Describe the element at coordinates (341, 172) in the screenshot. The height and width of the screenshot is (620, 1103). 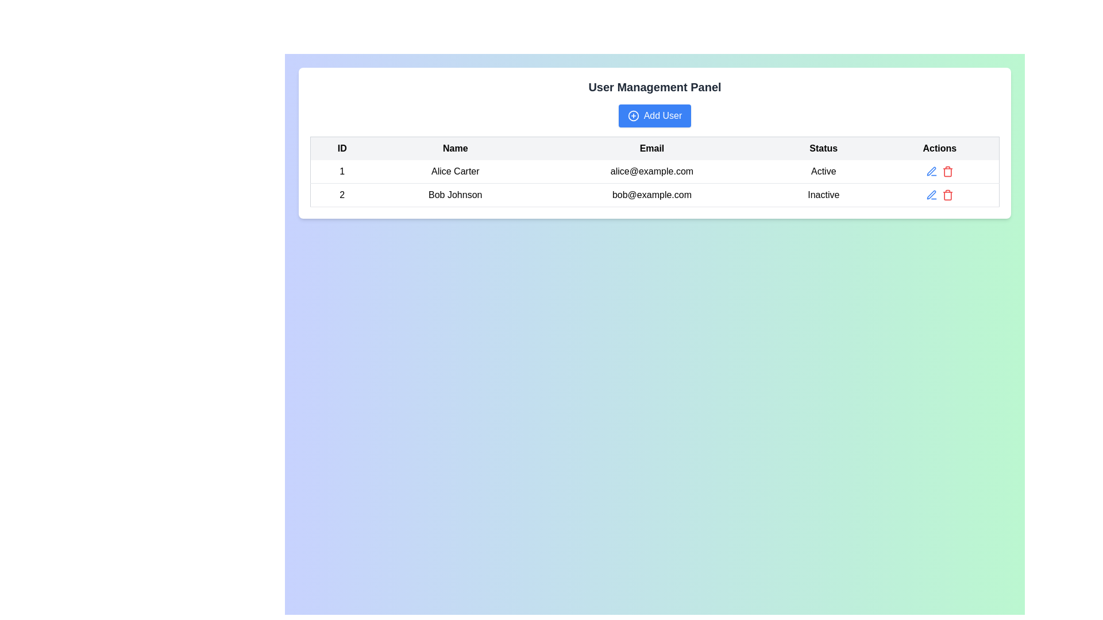
I see `the numeral '1' located in the first column of the first row under the header 'ID' in a table layout` at that location.